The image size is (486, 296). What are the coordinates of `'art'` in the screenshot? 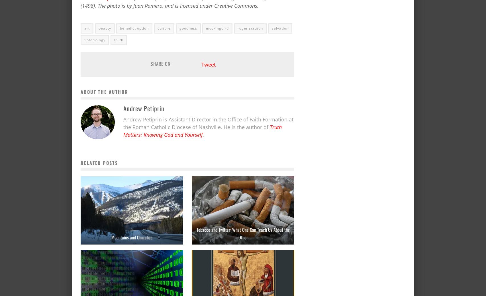 It's located at (87, 28).